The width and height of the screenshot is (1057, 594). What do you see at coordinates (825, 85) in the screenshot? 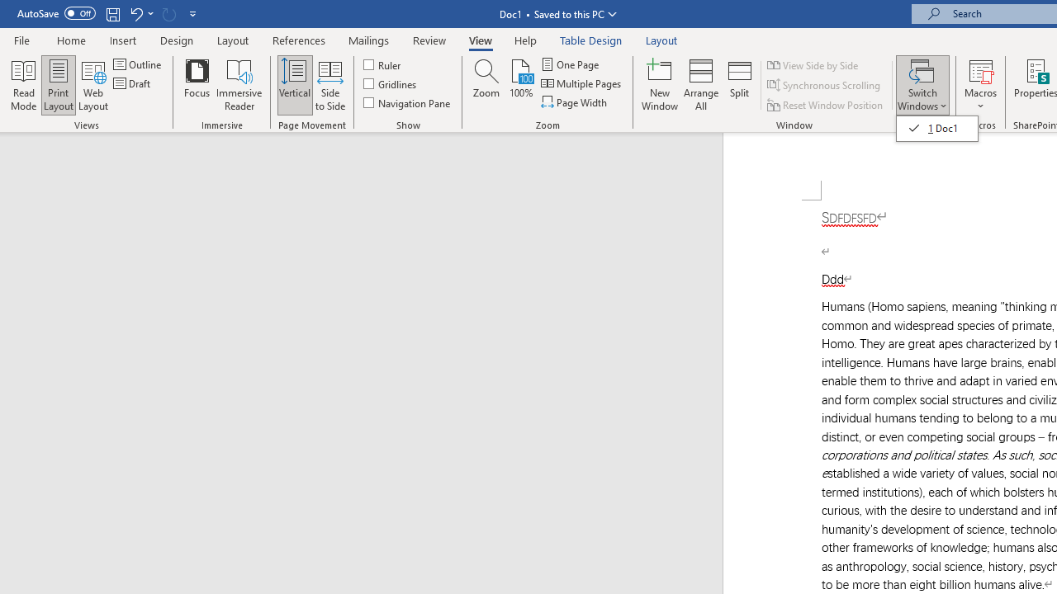
I see `'Synchronous Scrolling'` at bounding box center [825, 85].